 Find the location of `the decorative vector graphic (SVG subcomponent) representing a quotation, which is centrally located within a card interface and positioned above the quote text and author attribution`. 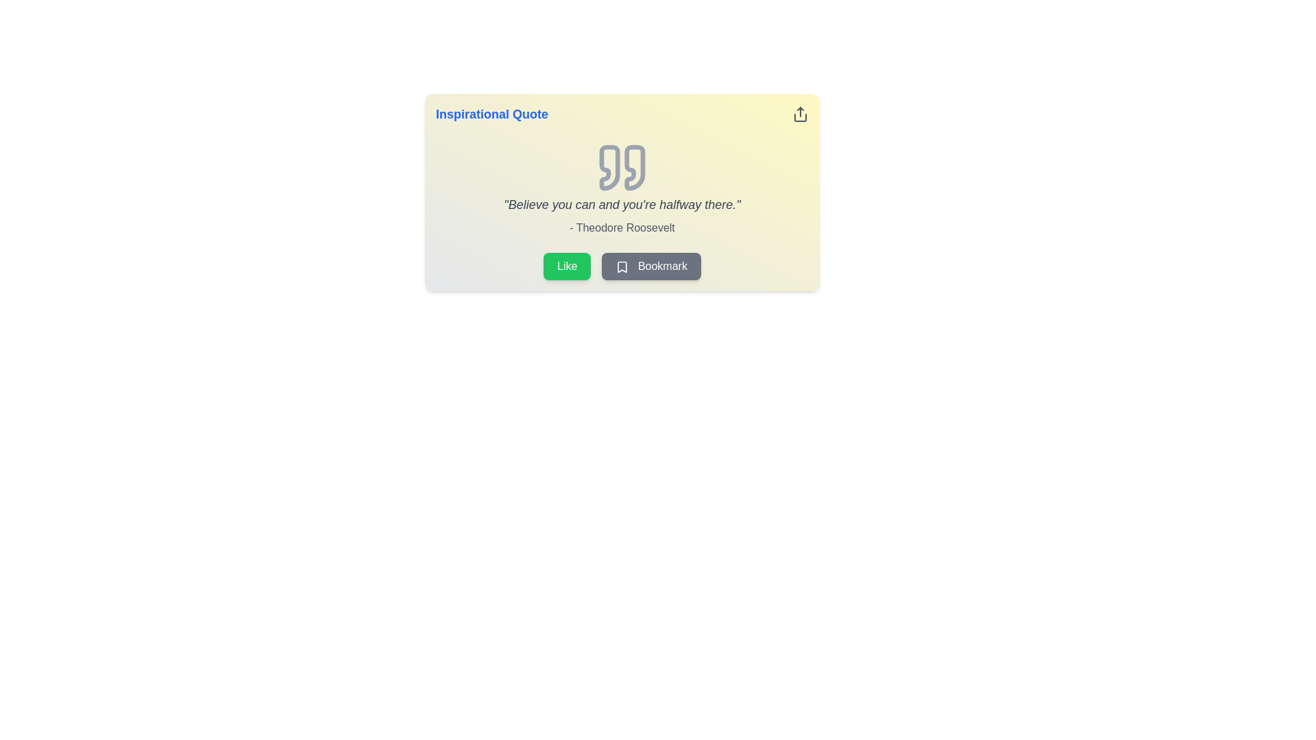

the decorative vector graphic (SVG subcomponent) representing a quotation, which is centrally located within a card interface and positioned above the quote text and author attribution is located at coordinates (634, 167).